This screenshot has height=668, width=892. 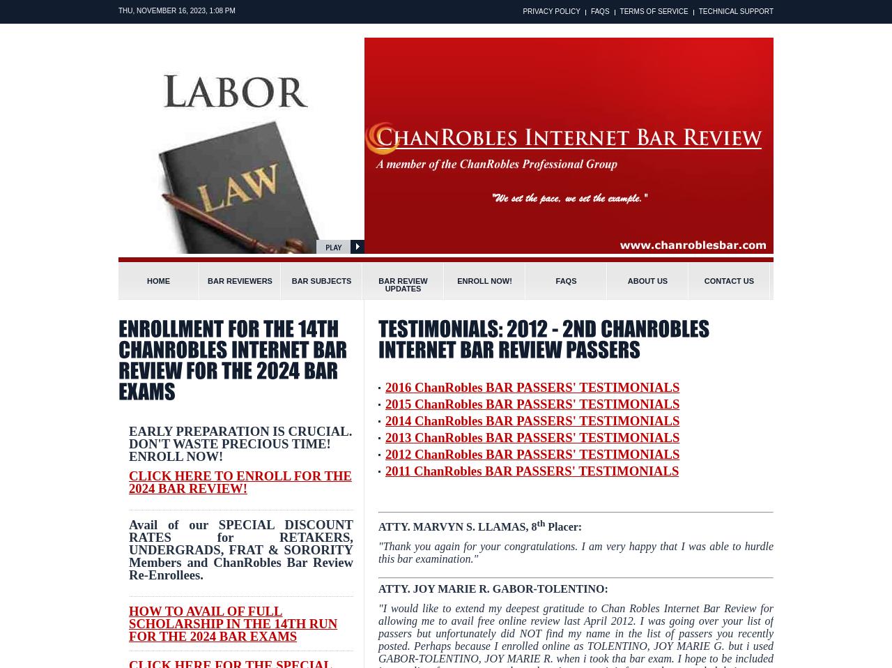 I want to click on 'Contact Us', so click(x=728, y=281).